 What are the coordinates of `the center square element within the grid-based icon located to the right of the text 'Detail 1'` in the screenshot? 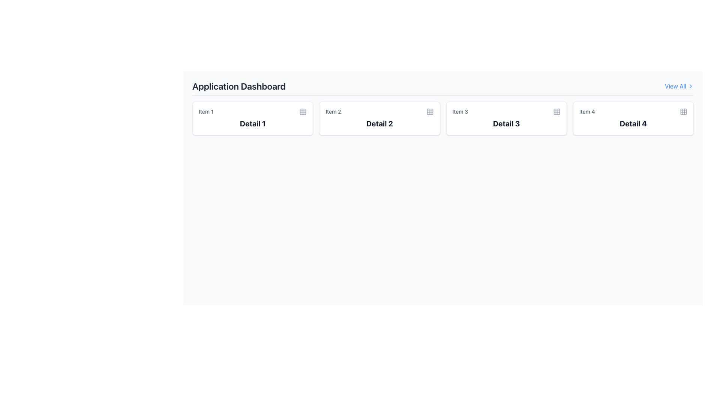 It's located at (303, 111).